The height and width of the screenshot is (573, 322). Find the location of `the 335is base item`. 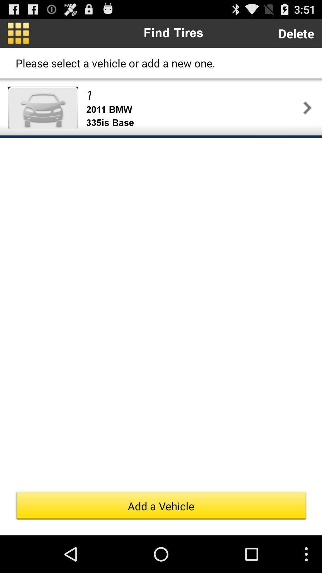

the 335is base item is located at coordinates (193, 123).